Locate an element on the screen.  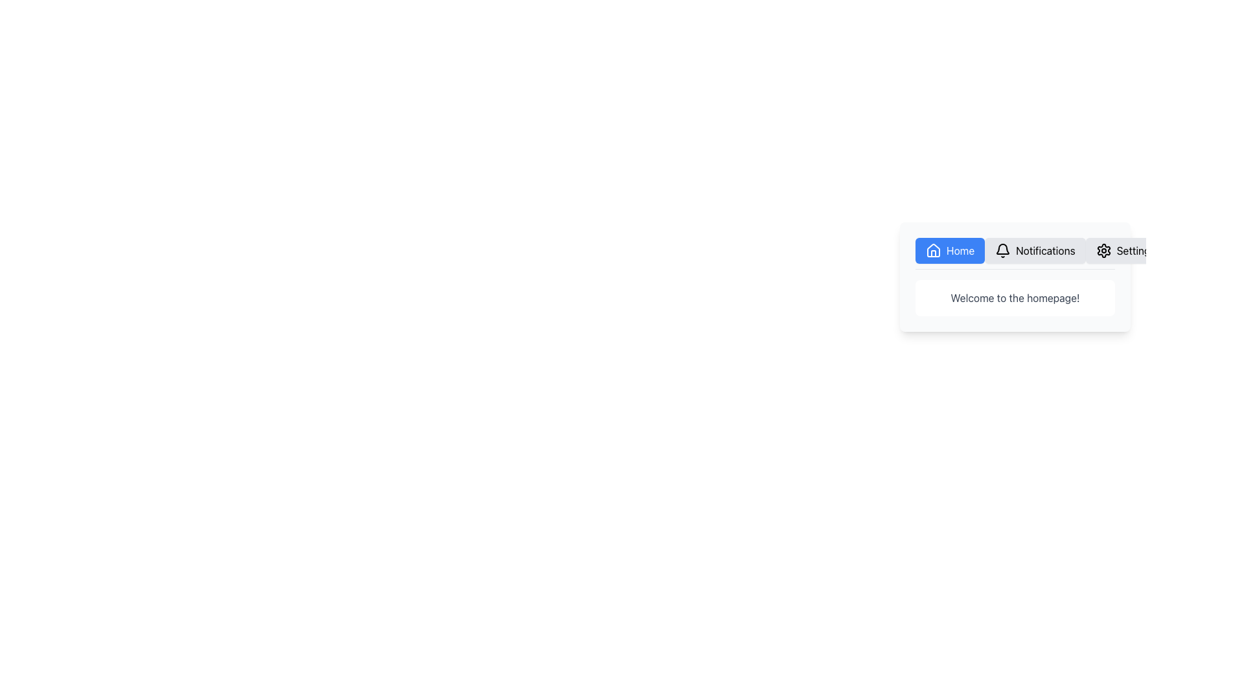
the navigation button for accessing the Notifications section located in the horizontal navigation bar, positioned to the right of 'Home' is located at coordinates (1034, 250).